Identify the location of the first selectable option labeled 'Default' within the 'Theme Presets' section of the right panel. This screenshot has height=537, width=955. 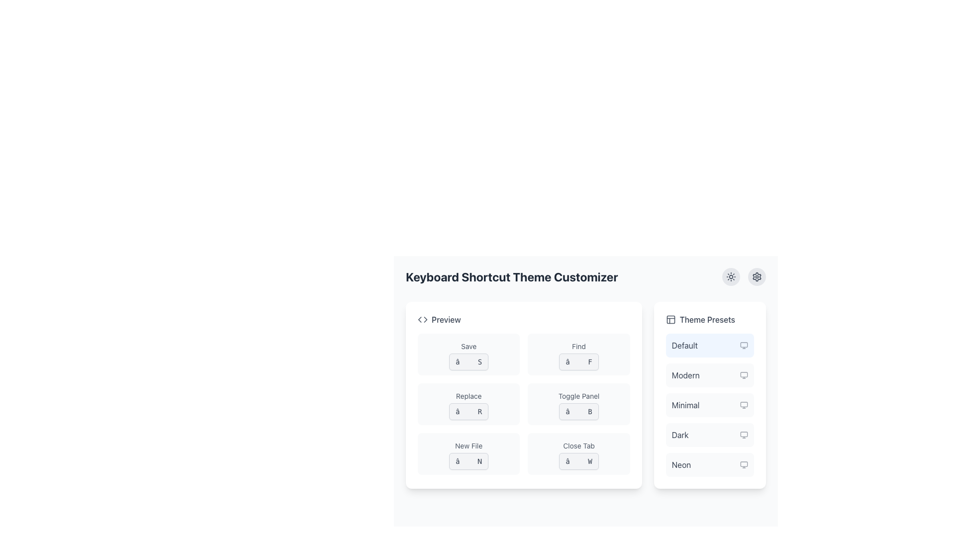
(709, 345).